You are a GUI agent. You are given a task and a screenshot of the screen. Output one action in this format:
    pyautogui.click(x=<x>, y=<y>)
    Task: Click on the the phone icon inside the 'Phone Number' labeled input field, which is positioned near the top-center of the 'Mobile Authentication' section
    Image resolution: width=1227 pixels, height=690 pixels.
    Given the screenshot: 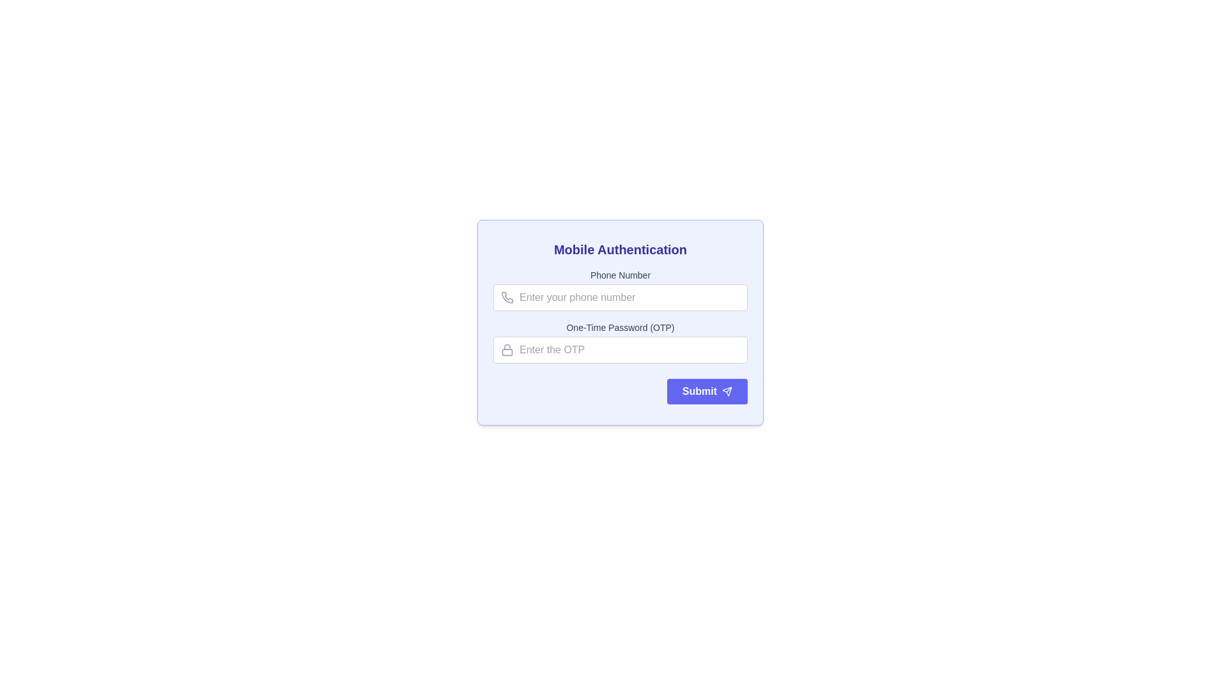 What is the action you would take?
    pyautogui.click(x=620, y=290)
    